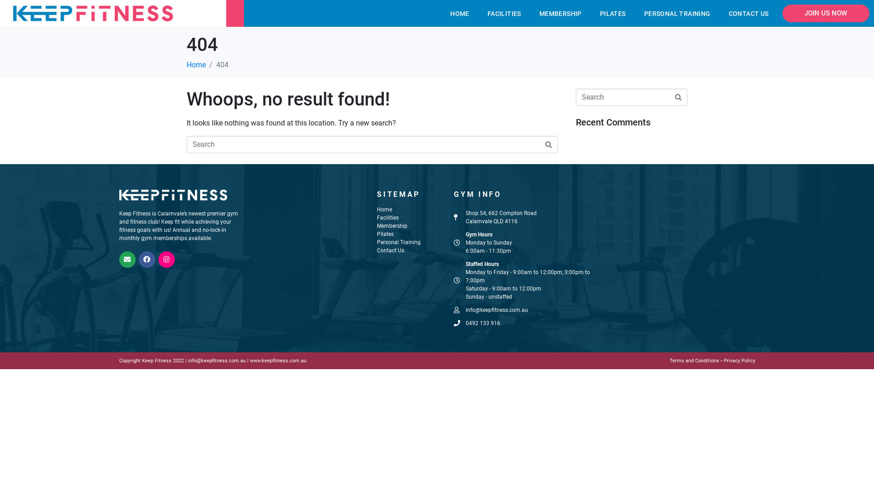 Image resolution: width=874 pixels, height=491 pixels. What do you see at coordinates (385, 234) in the screenshot?
I see `'Pilates'` at bounding box center [385, 234].